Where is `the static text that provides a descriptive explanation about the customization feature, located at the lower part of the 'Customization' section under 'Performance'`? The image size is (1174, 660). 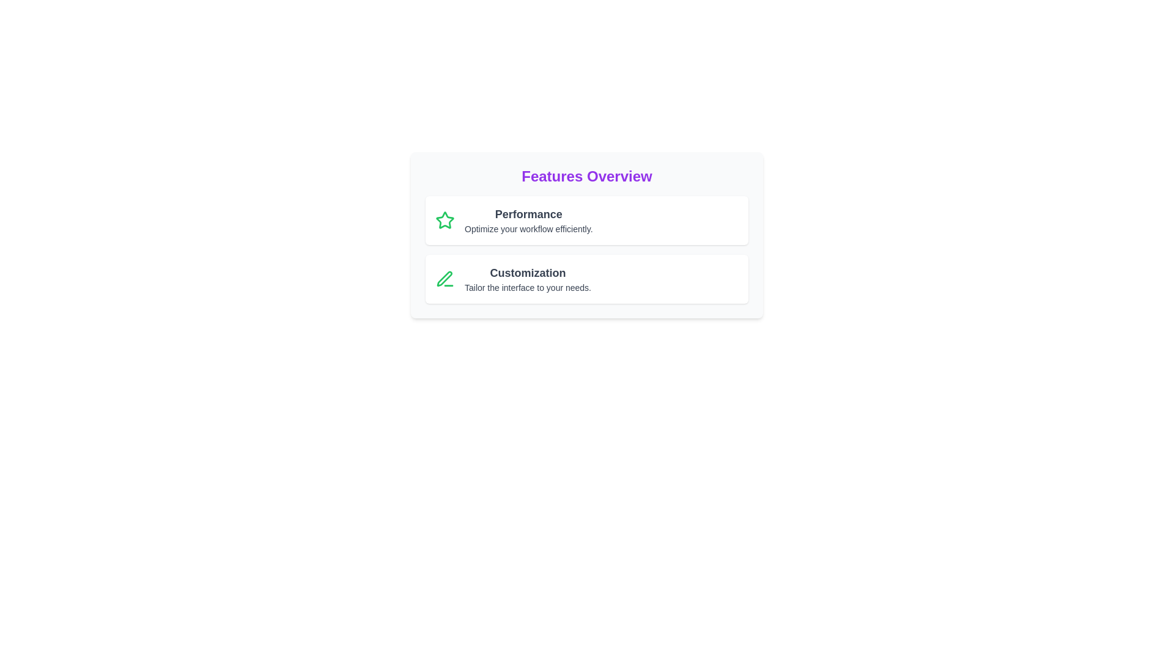
the static text that provides a descriptive explanation about the customization feature, located at the lower part of the 'Customization' section under 'Performance' is located at coordinates (528, 287).